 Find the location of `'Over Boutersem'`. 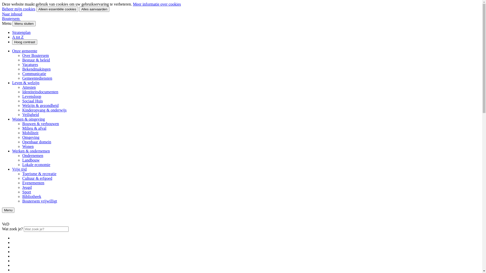

'Over Boutersem' is located at coordinates (35, 55).